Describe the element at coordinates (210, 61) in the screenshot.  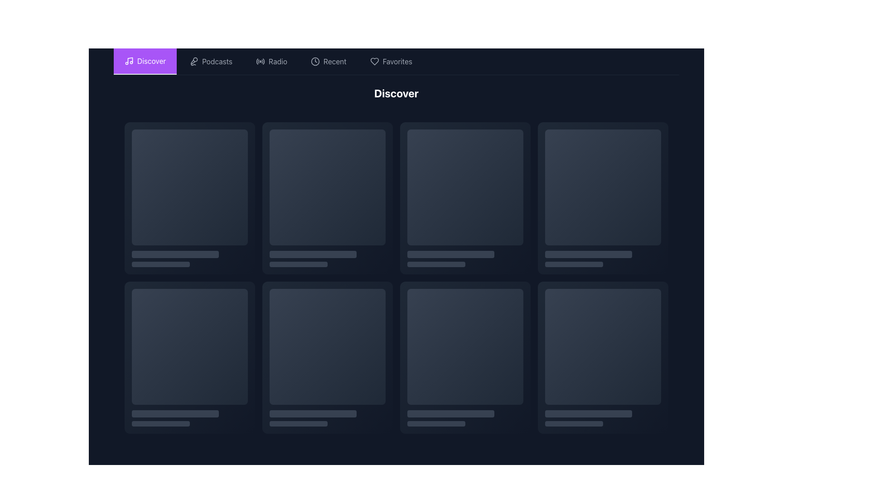
I see `the 'Podcasts' button in the navigation bar` at that location.